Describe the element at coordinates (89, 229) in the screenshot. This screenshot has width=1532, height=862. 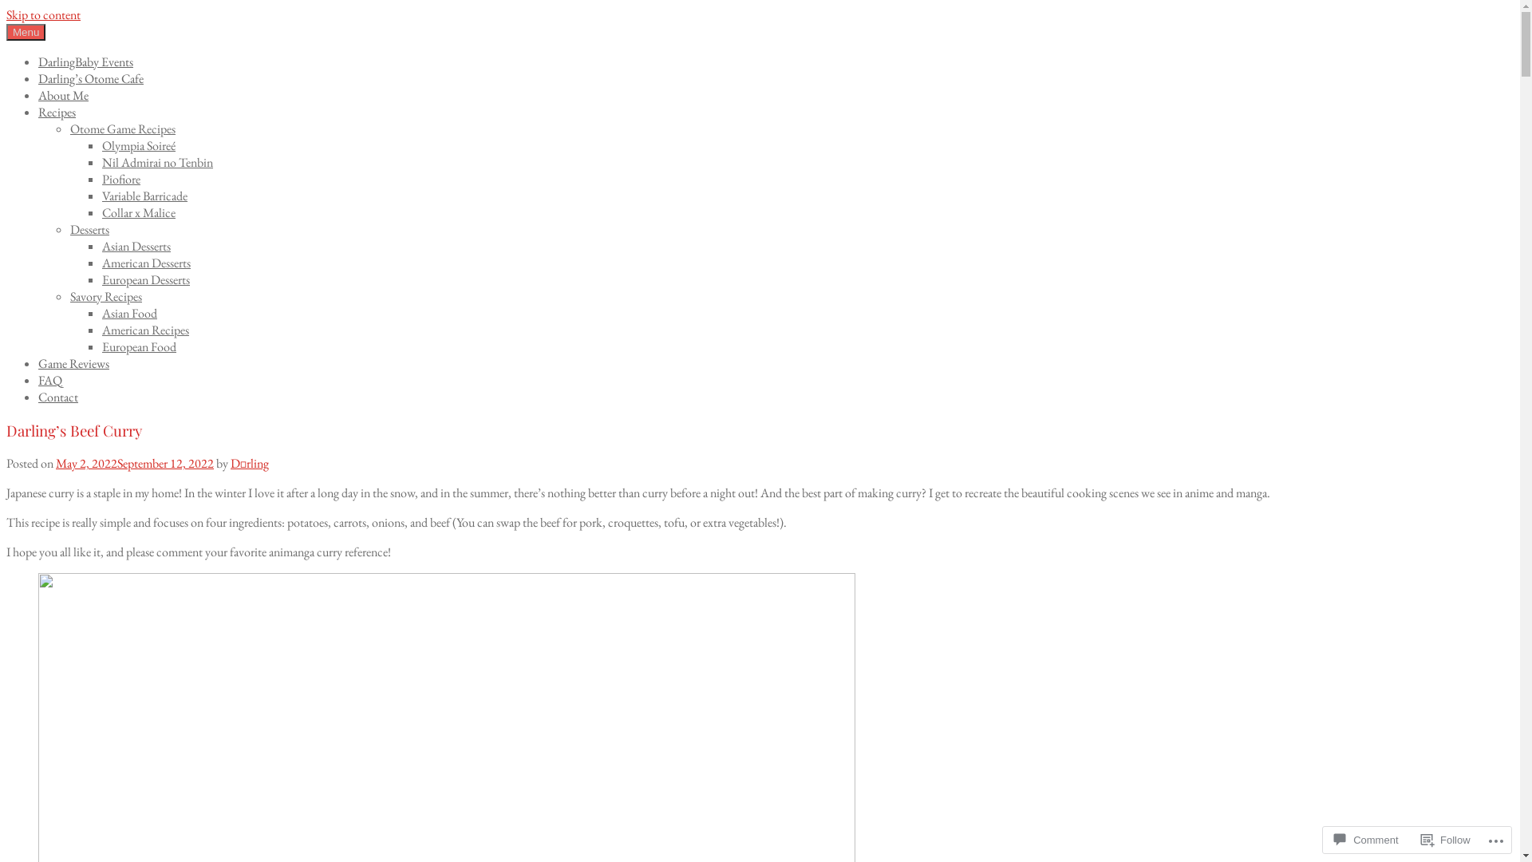
I see `'Desserts'` at that location.